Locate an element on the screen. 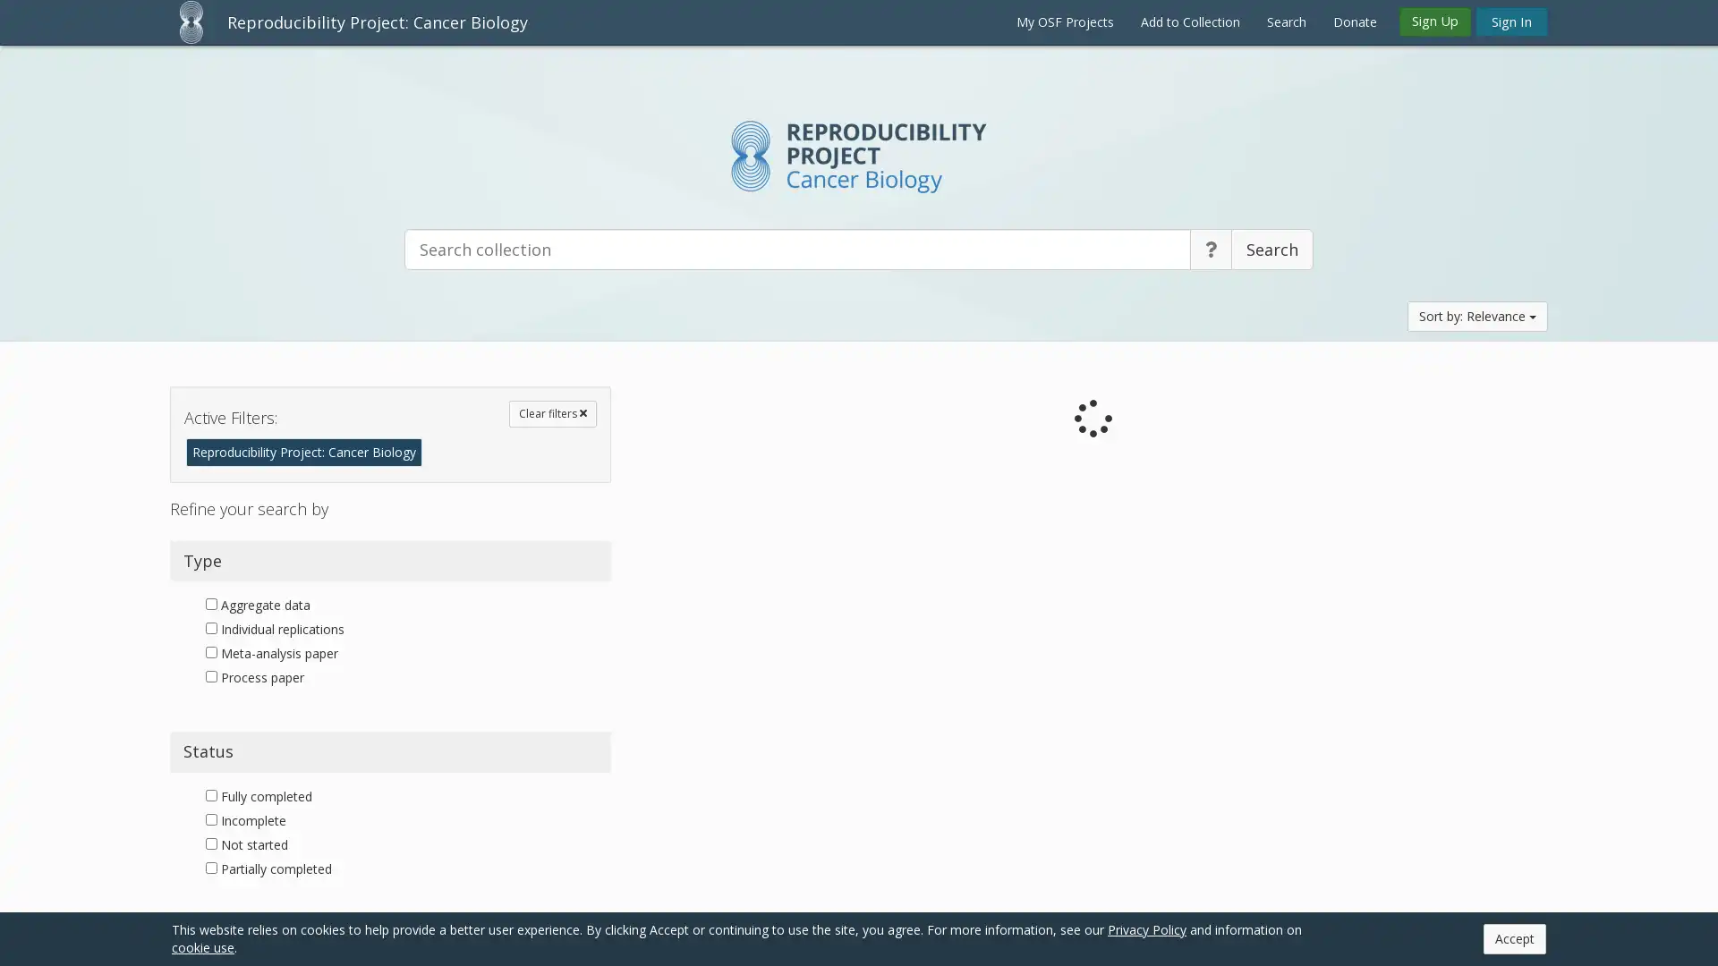 The height and width of the screenshot is (966, 1718). Type: Individual replications is located at coordinates (739, 917).